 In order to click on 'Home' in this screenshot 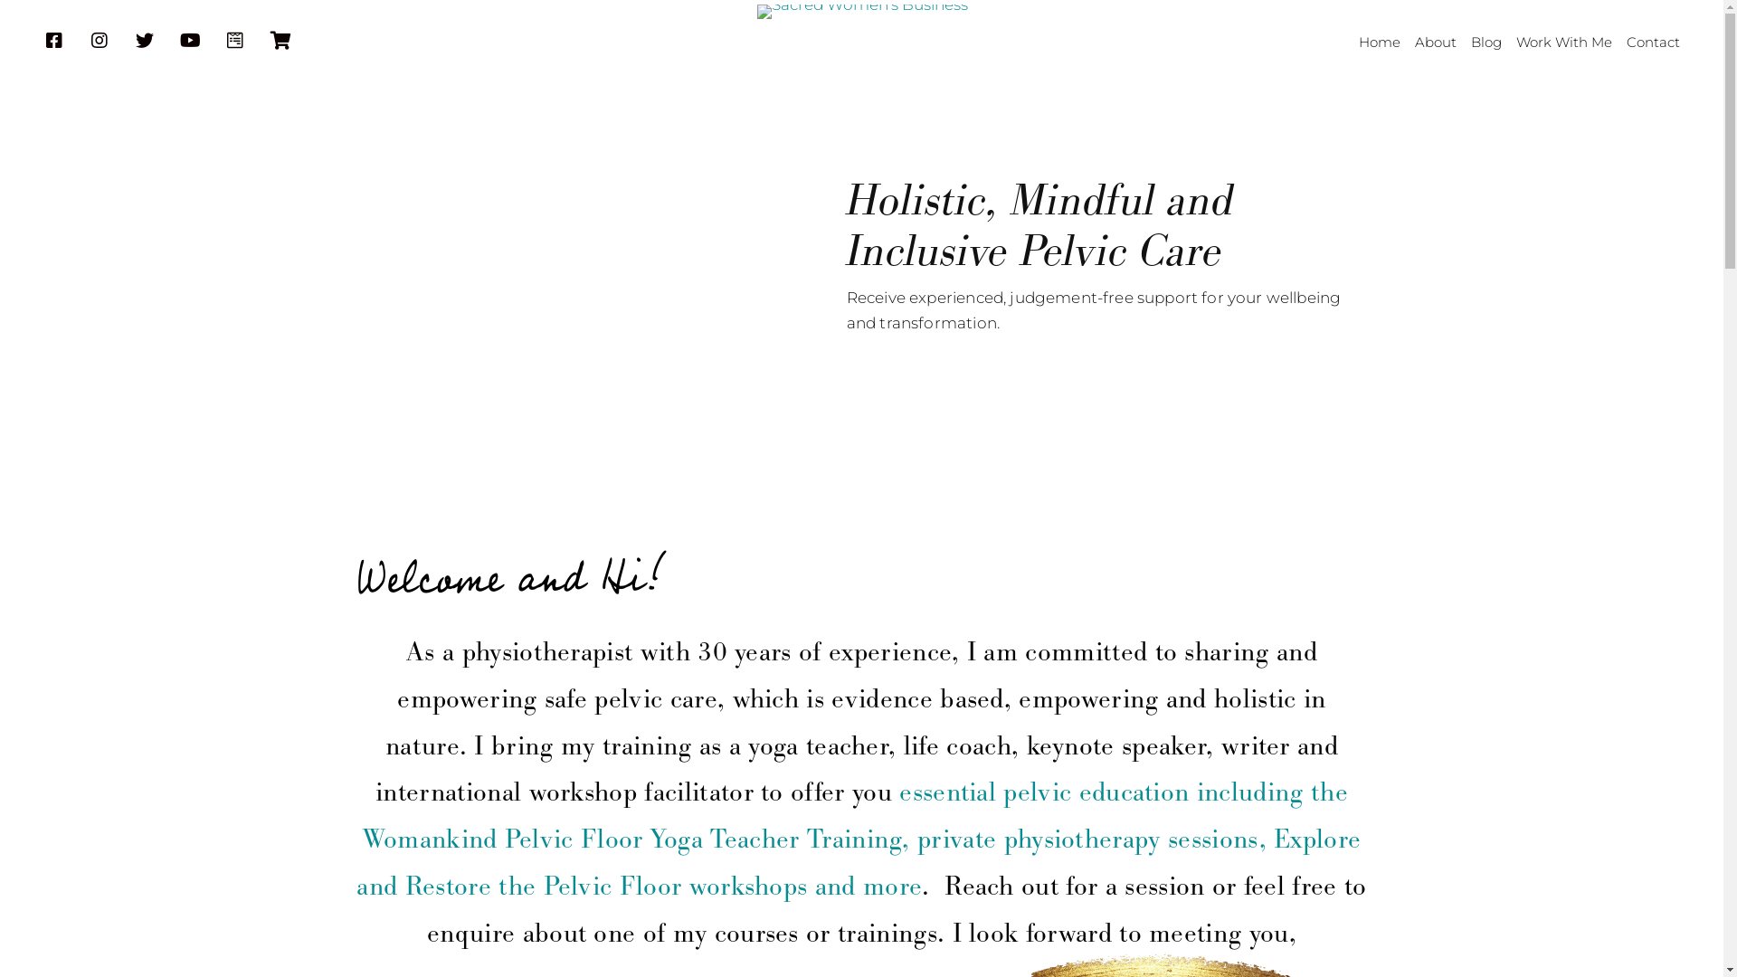, I will do `click(1379, 42)`.